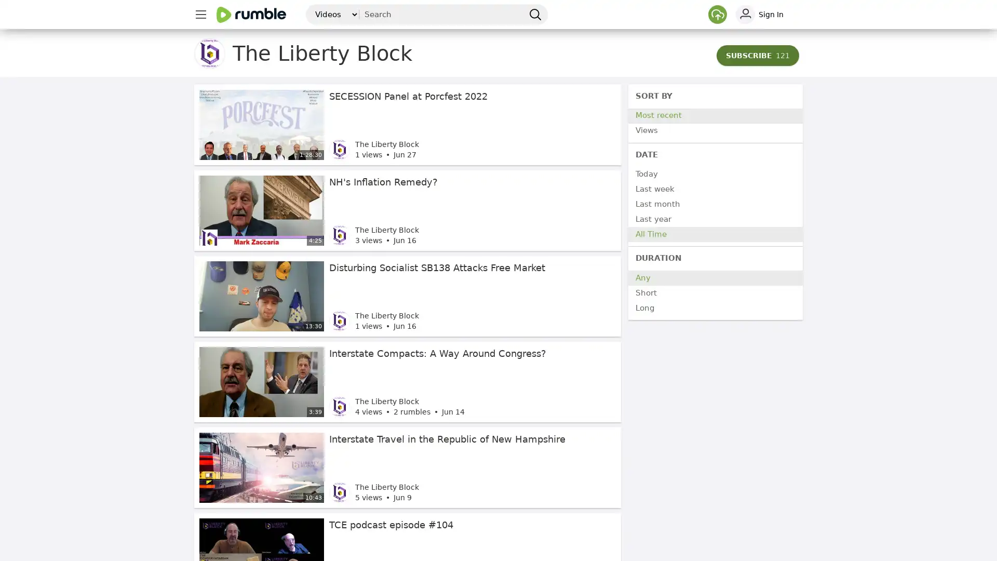 This screenshot has width=997, height=561. Describe the element at coordinates (768, 14) in the screenshot. I see `sign in` at that location.